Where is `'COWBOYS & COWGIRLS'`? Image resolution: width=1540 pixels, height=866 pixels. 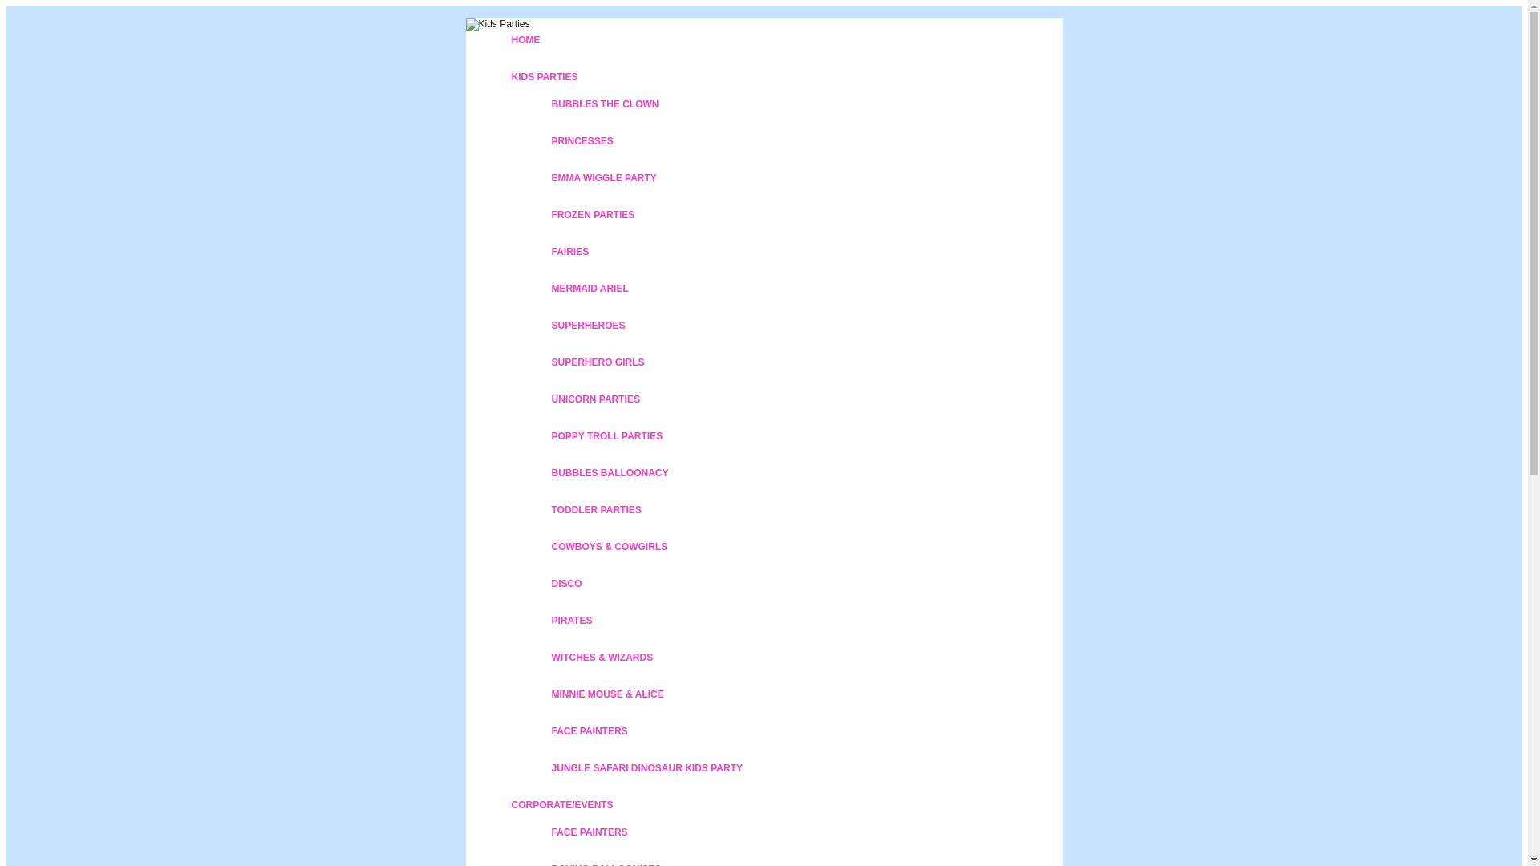 'COWBOYS & COWGIRLS' is located at coordinates (608, 546).